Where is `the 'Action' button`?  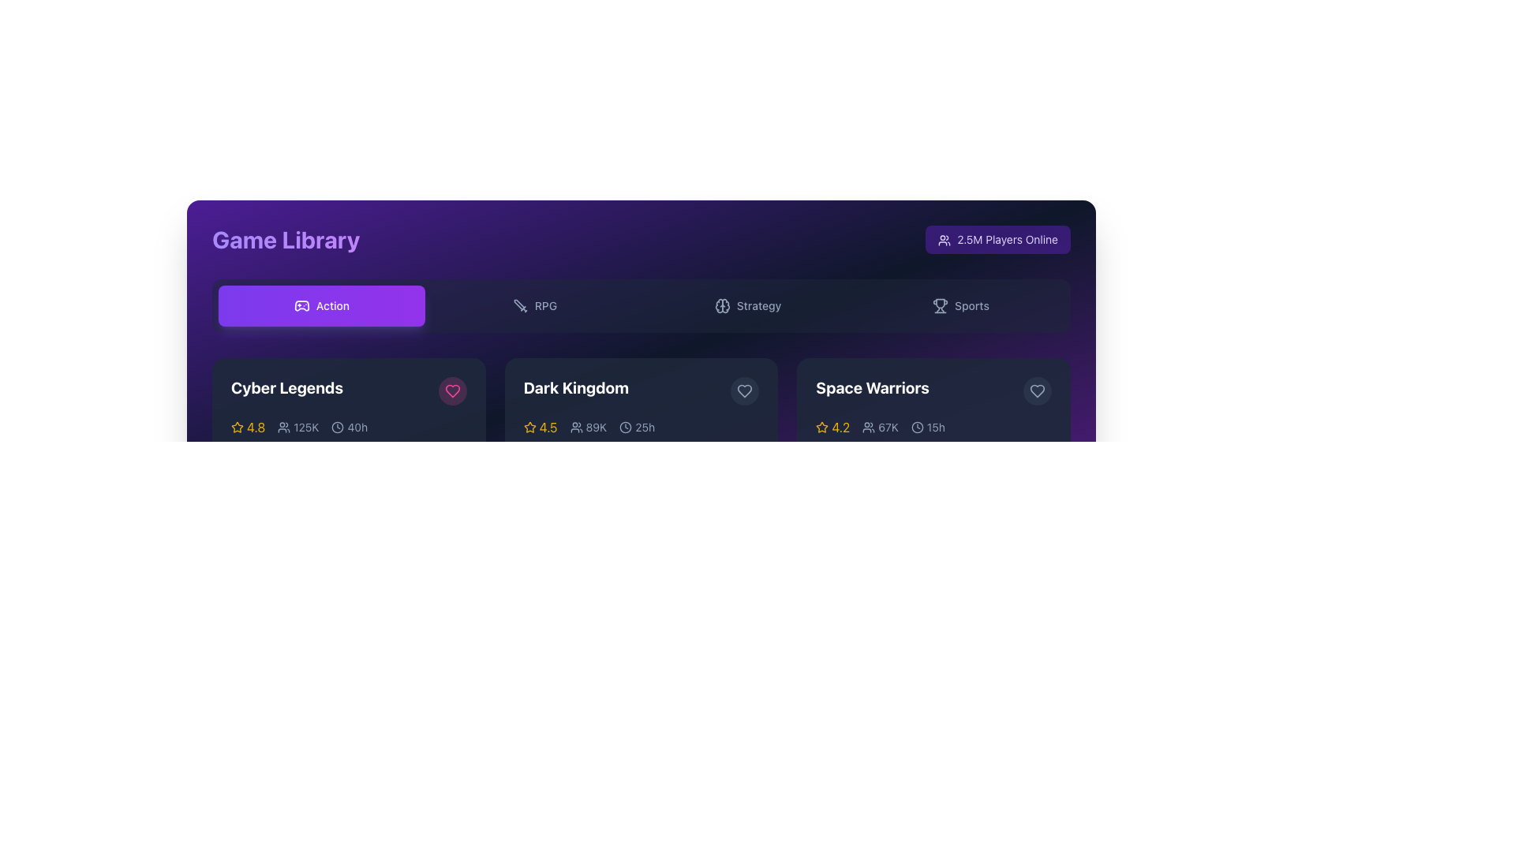
the 'Action' button is located at coordinates (321, 306).